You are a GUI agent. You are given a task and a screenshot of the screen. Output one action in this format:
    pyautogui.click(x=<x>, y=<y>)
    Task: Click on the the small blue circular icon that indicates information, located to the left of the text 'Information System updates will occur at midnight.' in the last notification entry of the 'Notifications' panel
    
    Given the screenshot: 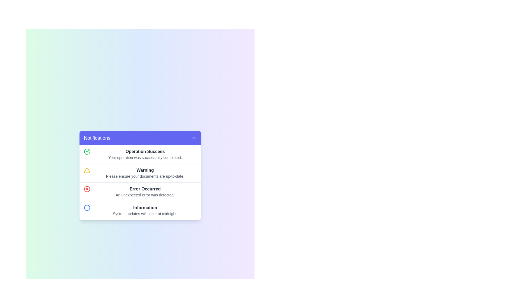 What is the action you would take?
    pyautogui.click(x=87, y=208)
    